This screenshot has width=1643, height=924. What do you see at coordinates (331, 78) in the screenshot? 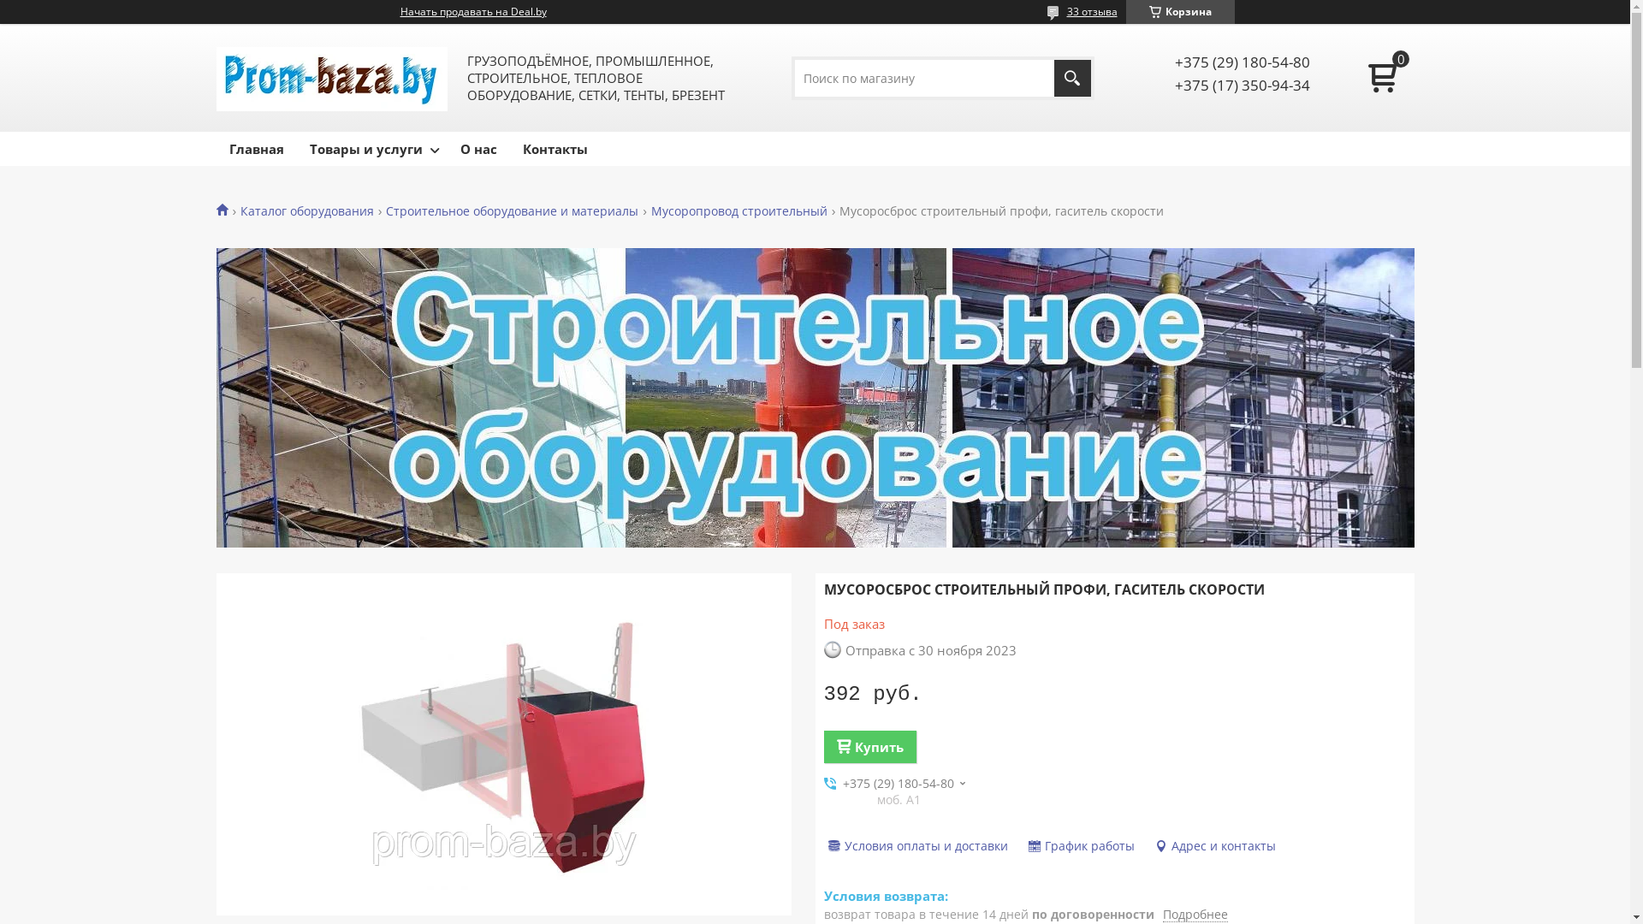
I see `'PROM-BAZA.by'` at bounding box center [331, 78].